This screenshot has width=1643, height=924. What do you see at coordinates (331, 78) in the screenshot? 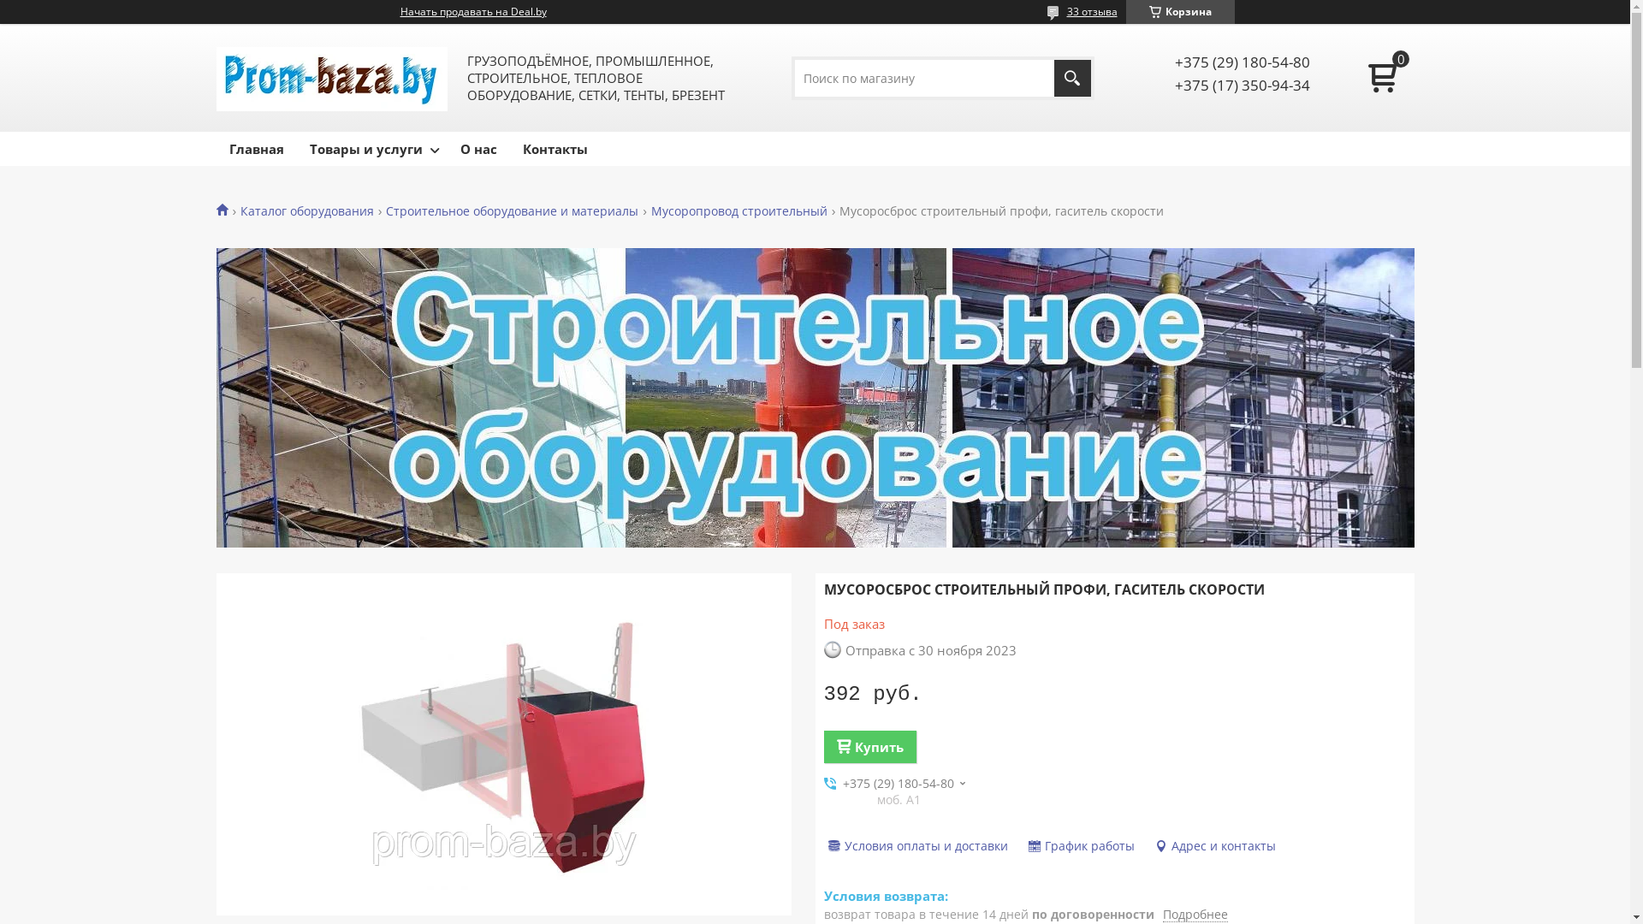
I see `'PROM-BAZA.by'` at bounding box center [331, 78].